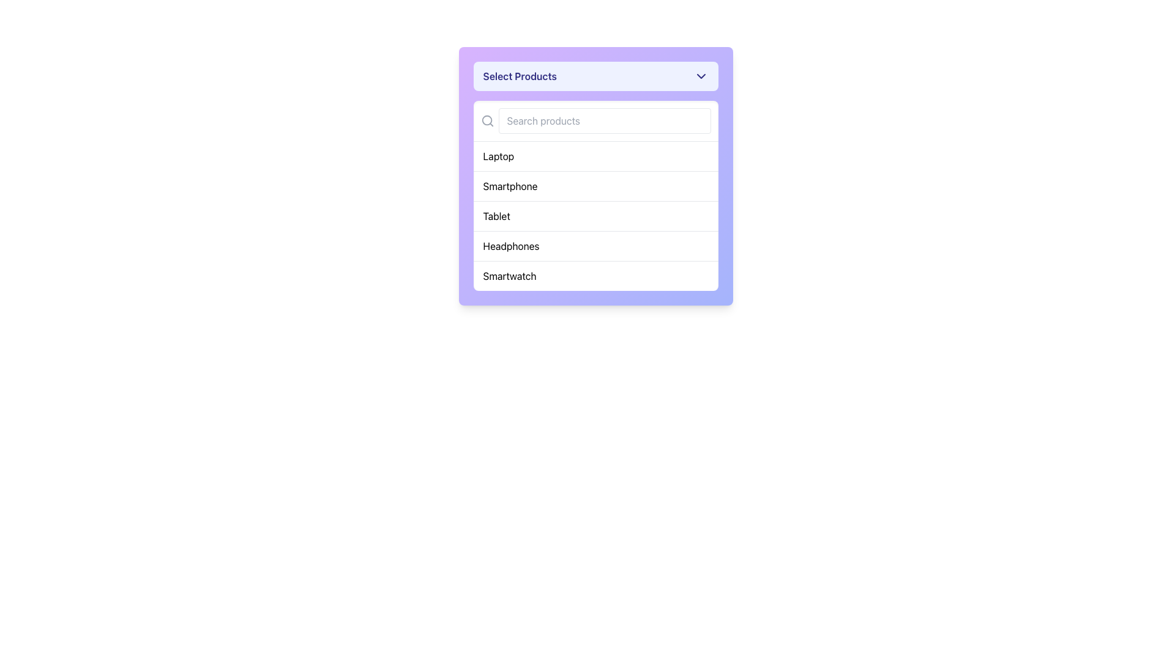 The width and height of the screenshot is (1175, 660). What do you see at coordinates (595, 246) in the screenshot?
I see `to select the menu item labeled 'Headphones', which is the fourth option in a vertical list of selectable items, styled with padding and a hover effect that changes the background color` at bounding box center [595, 246].